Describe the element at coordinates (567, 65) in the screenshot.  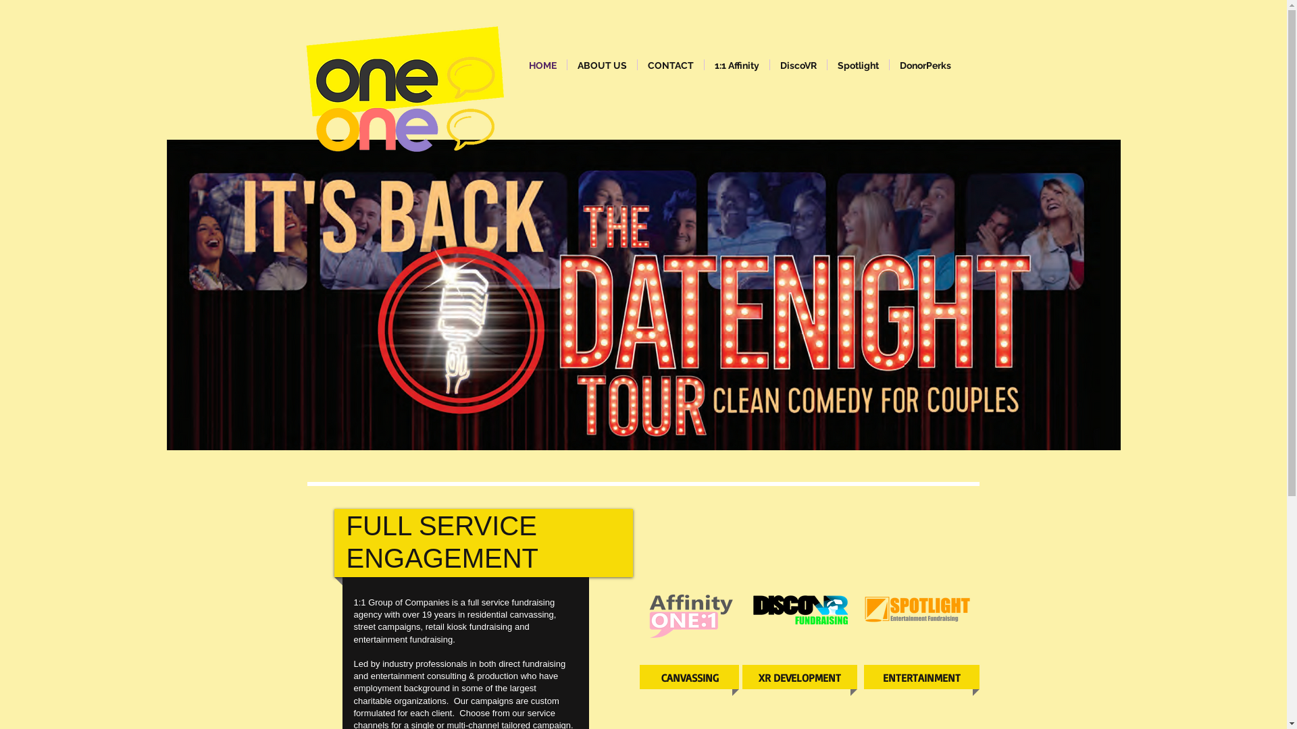
I see `'ABOUT US'` at that location.